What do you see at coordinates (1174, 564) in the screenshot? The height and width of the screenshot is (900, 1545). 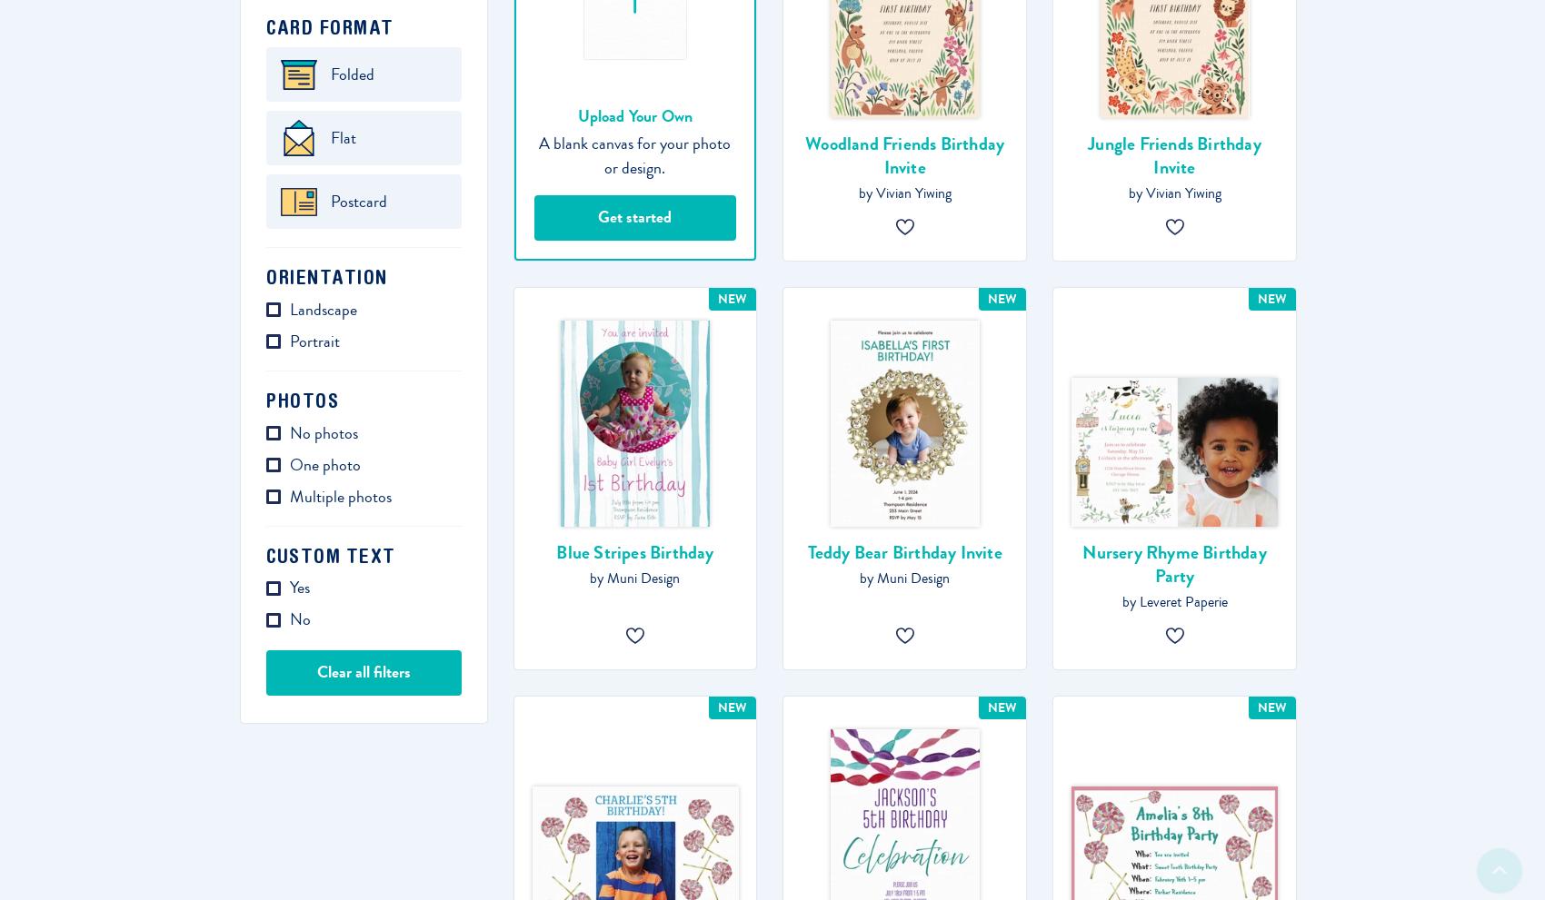 I see `'Nursery Rhyme Birthday Party'` at bounding box center [1174, 564].